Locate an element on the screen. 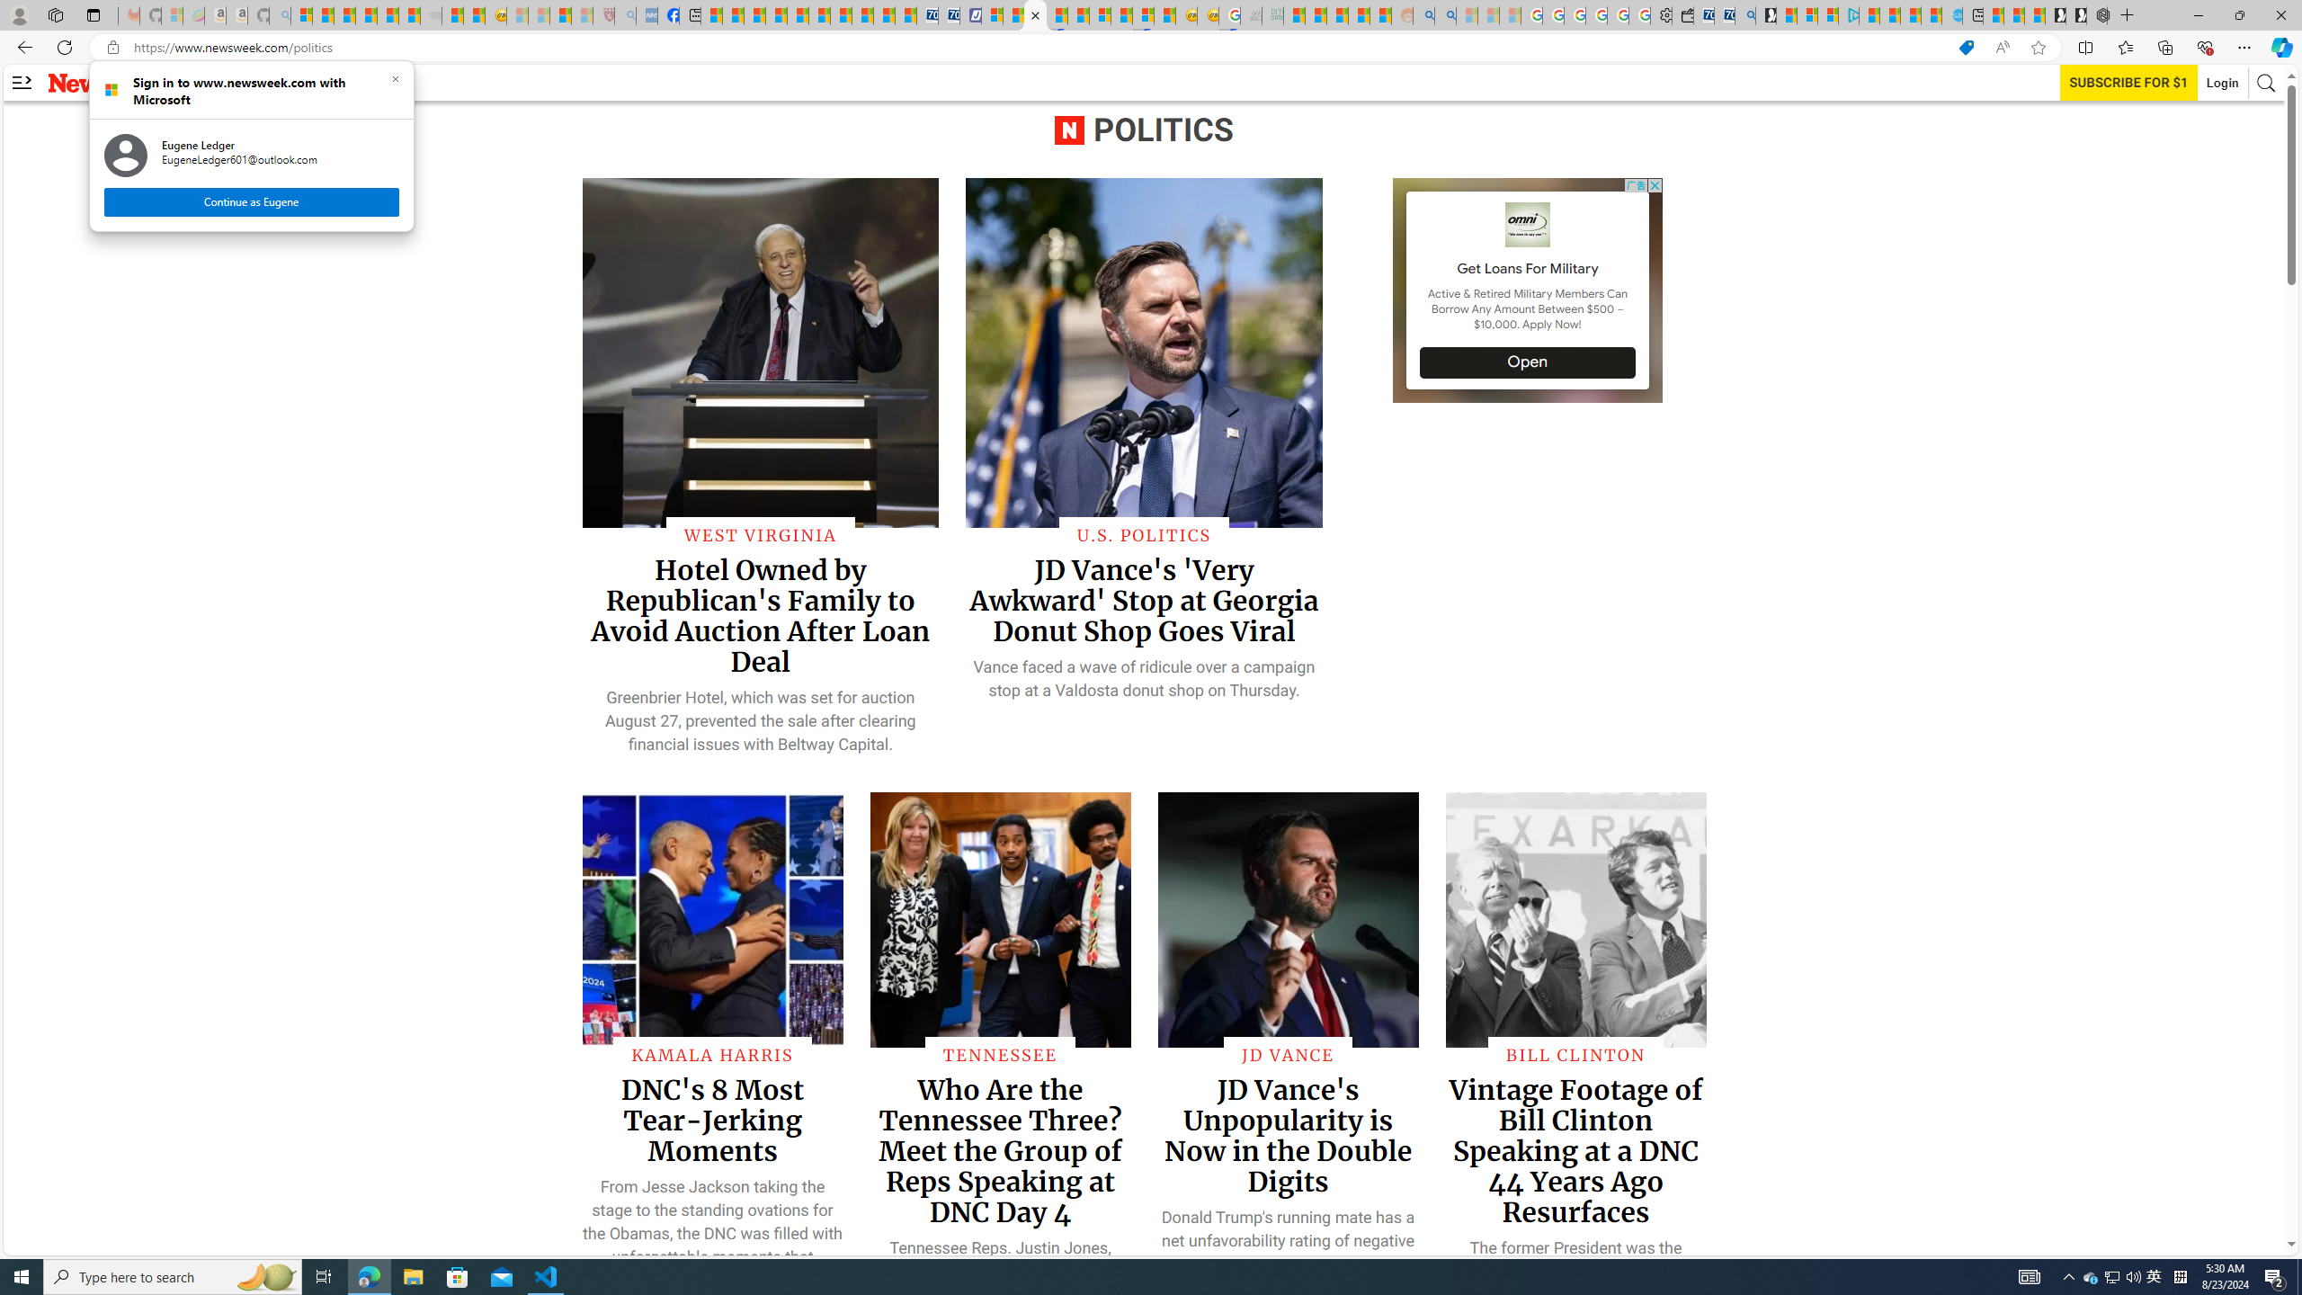 The width and height of the screenshot is (2302, 1295). 'Bing Real Estate - Home sales and rental listings' is located at coordinates (1744, 14).